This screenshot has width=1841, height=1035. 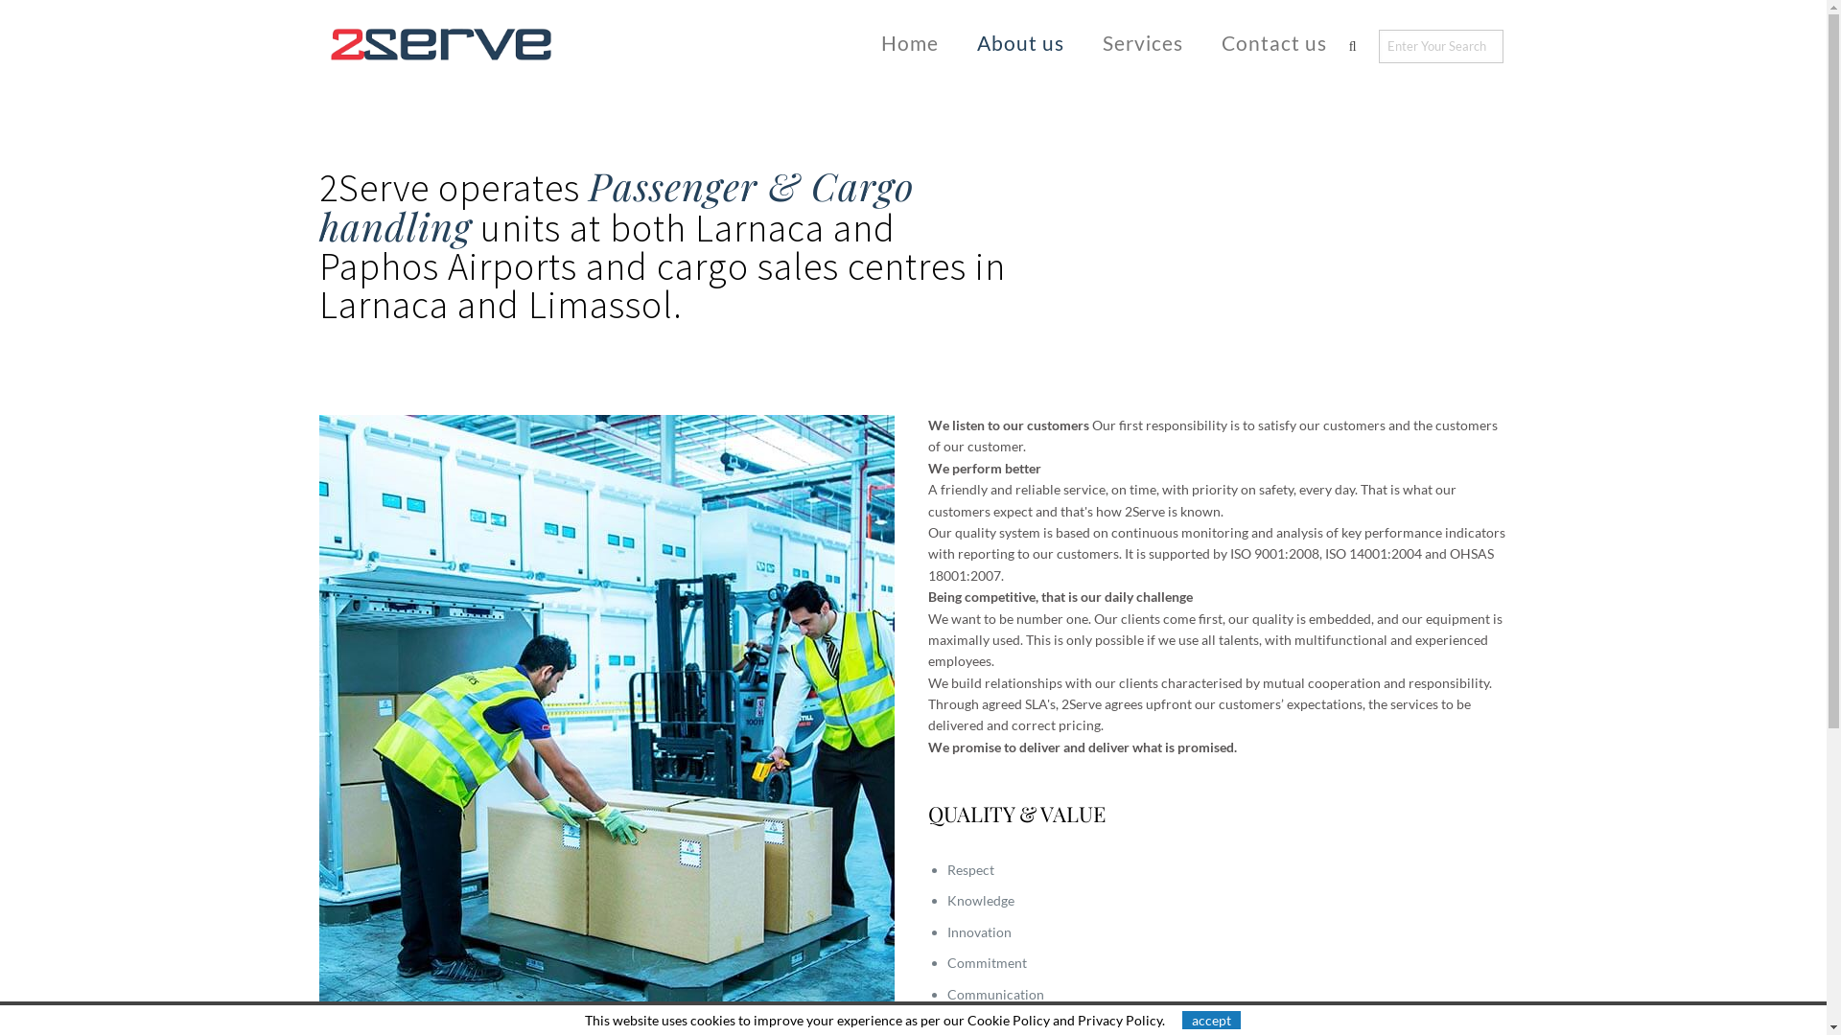 What do you see at coordinates (1210, 1019) in the screenshot?
I see `'accept'` at bounding box center [1210, 1019].